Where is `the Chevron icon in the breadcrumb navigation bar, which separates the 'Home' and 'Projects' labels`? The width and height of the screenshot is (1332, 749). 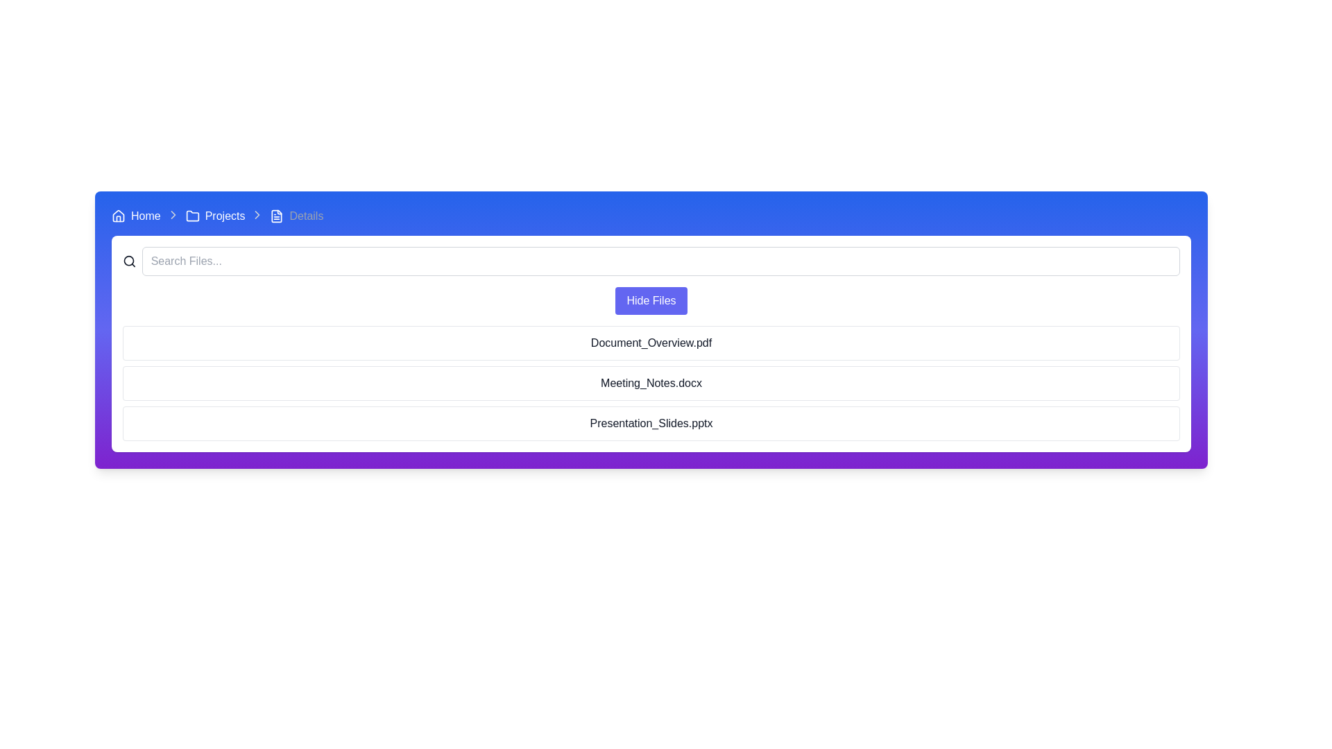 the Chevron icon in the breadcrumb navigation bar, which separates the 'Home' and 'Projects' labels is located at coordinates (172, 216).